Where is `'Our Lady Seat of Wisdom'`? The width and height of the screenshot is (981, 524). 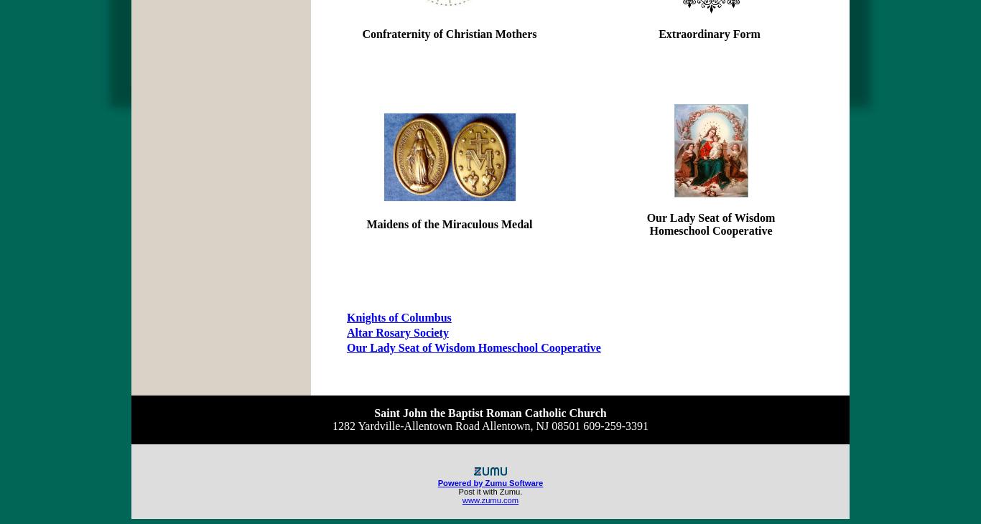
'Our Lady Seat of Wisdom' is located at coordinates (710, 217).